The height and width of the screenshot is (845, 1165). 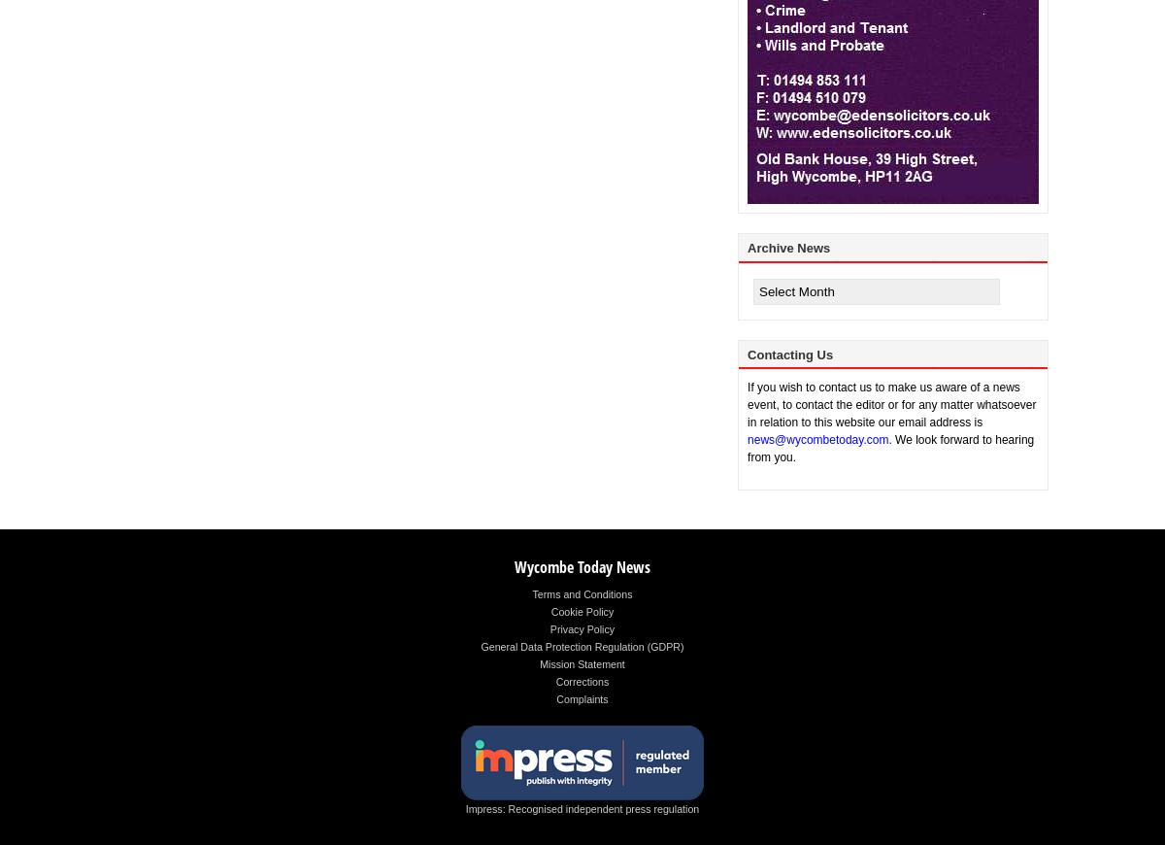 I want to click on 'Privacy Policy', so click(x=581, y=627).